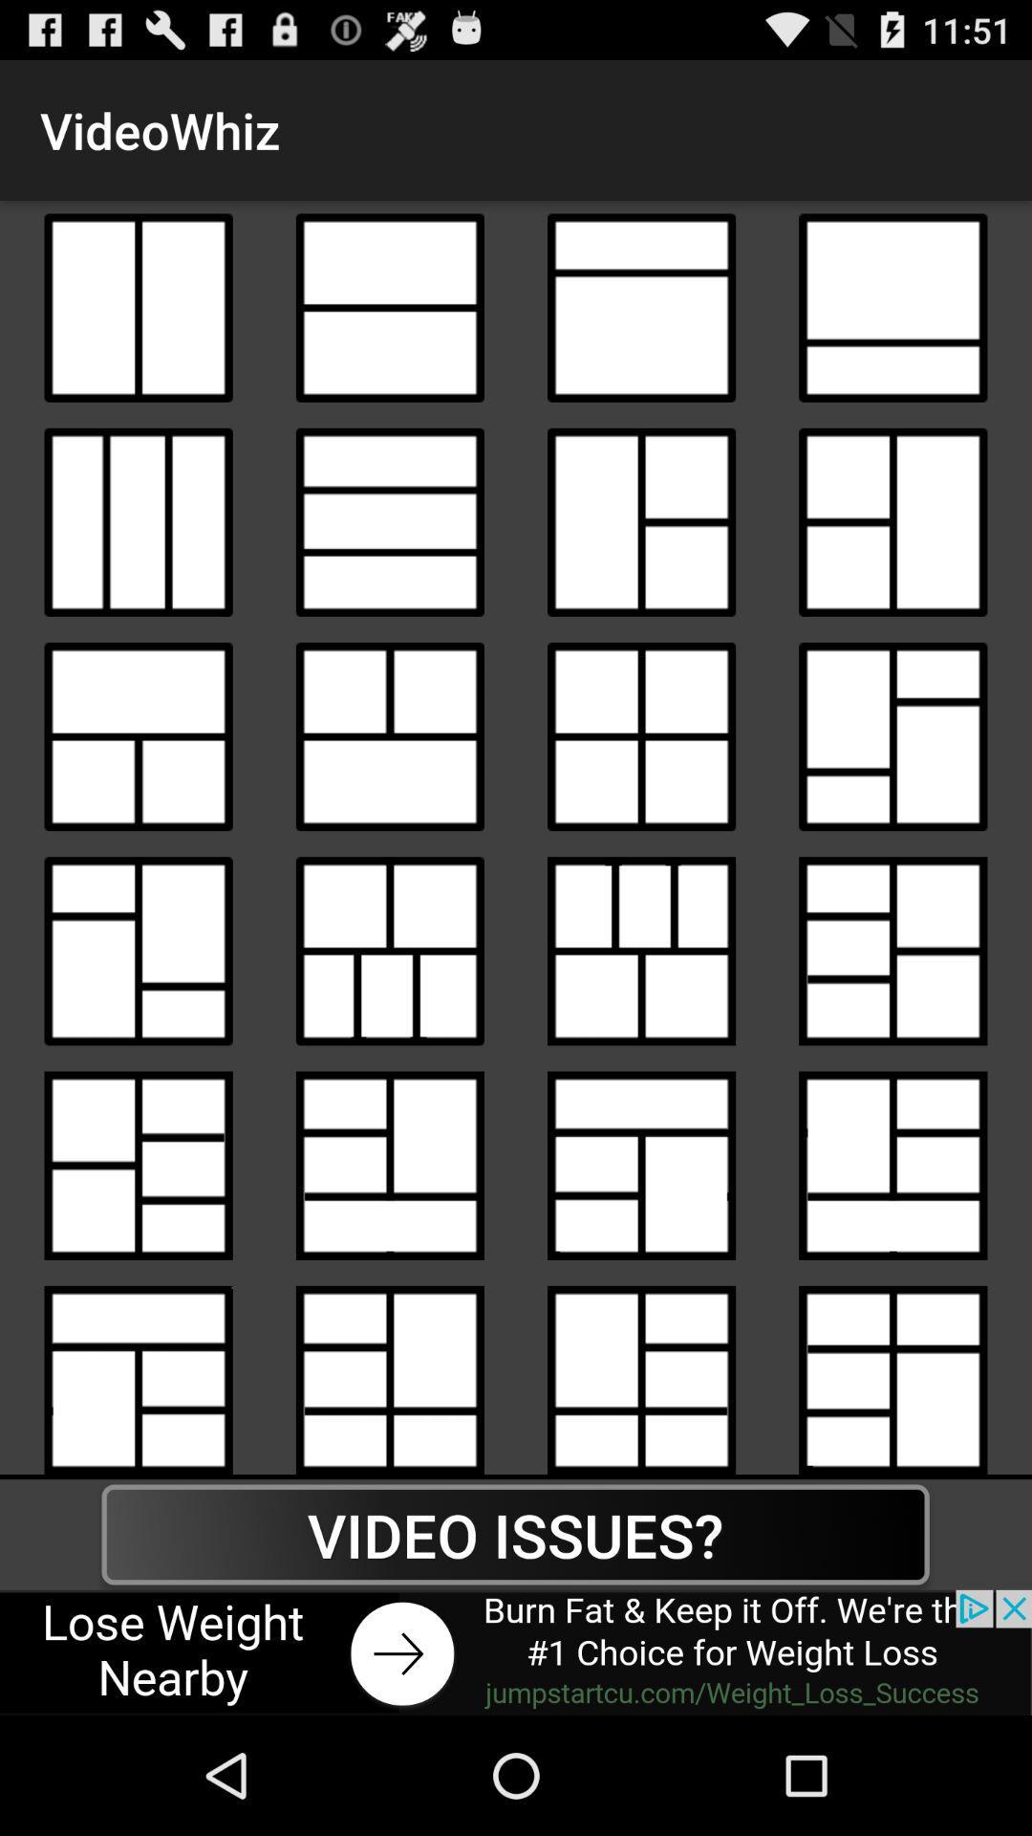 This screenshot has width=1032, height=1836. Describe the element at coordinates (389, 951) in the screenshot. I see `select` at that location.